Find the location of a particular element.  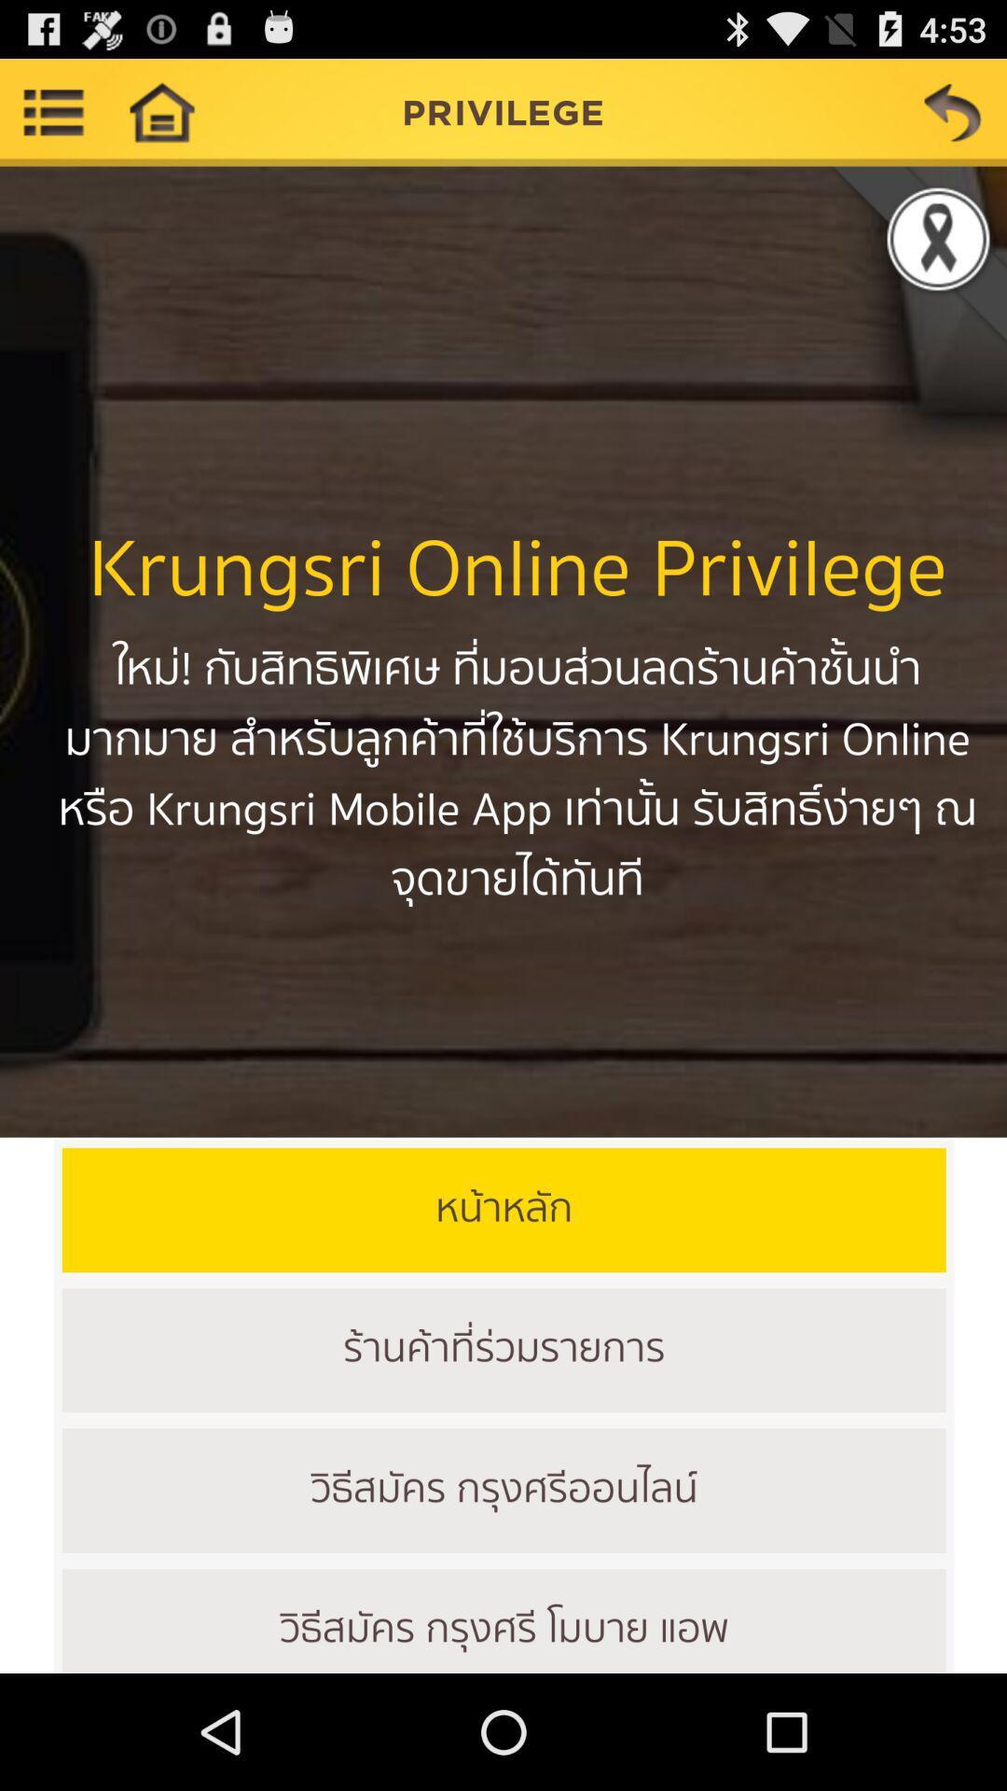

the home icon is located at coordinates (160, 119).